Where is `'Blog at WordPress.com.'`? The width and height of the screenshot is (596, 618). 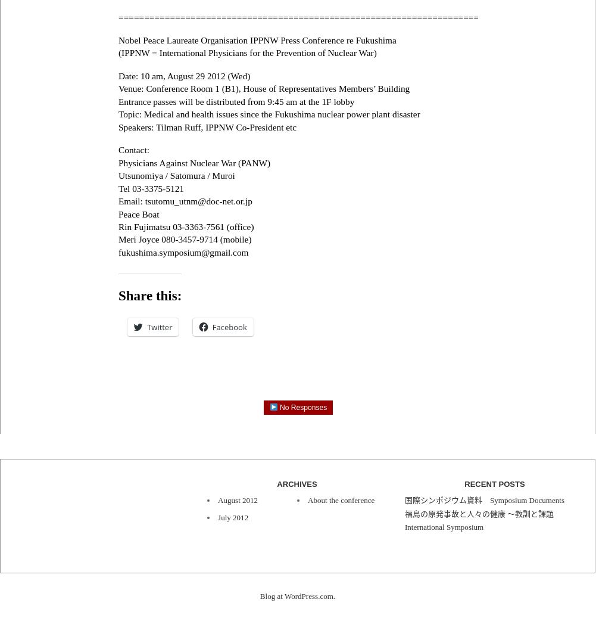 'Blog at WordPress.com.' is located at coordinates (297, 596).